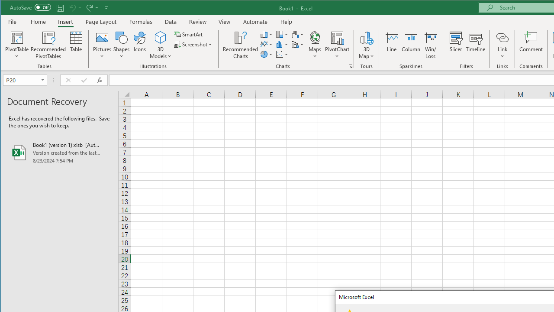  What do you see at coordinates (366, 45) in the screenshot?
I see `'3D Map'` at bounding box center [366, 45].